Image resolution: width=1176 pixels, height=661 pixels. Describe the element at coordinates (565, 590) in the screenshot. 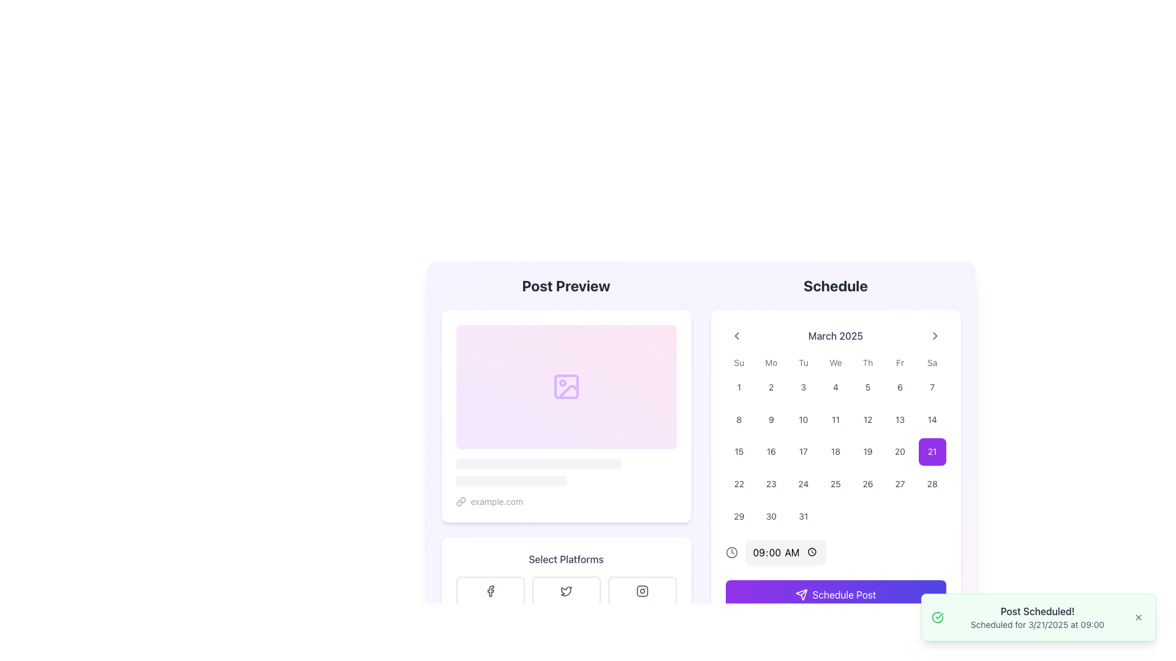

I see `the Twitter icon by navigating to it` at that location.